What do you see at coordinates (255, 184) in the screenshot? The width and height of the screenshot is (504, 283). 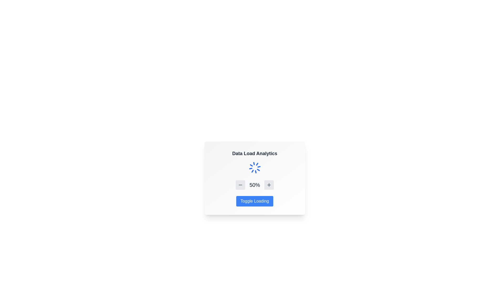 I see `the label displaying '50%' which is located beneath a spinning loader icon and is flanked by two buttons ('-' on the left and '+' on the right)` at bounding box center [255, 184].